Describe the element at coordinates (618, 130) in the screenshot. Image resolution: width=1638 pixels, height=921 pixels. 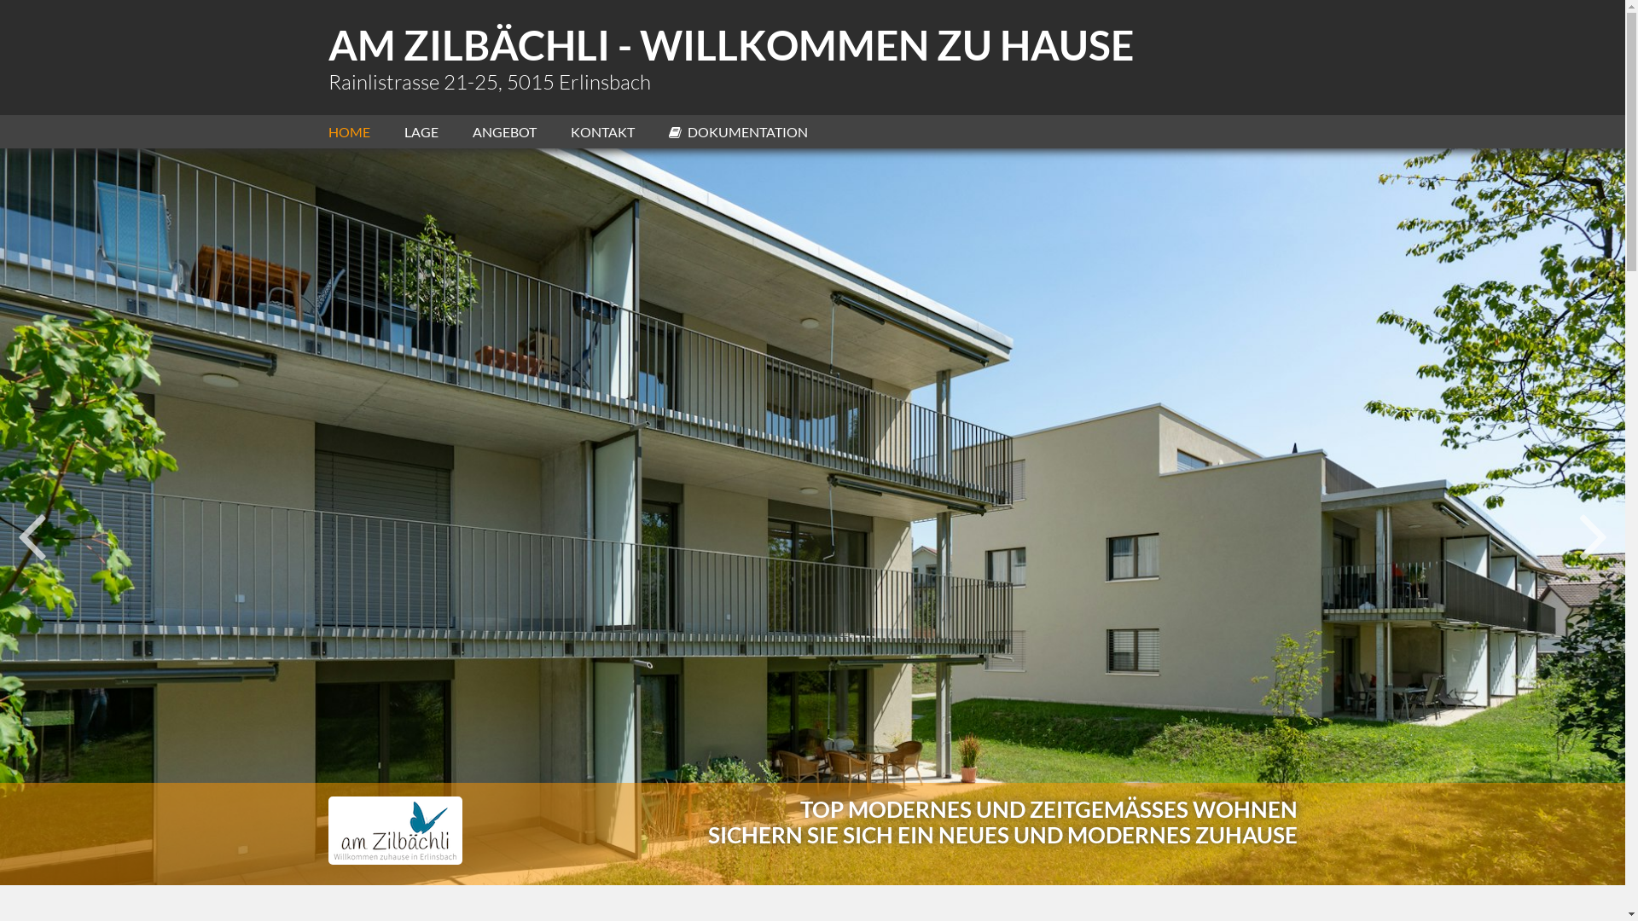
I see `'KONTAKT'` at that location.